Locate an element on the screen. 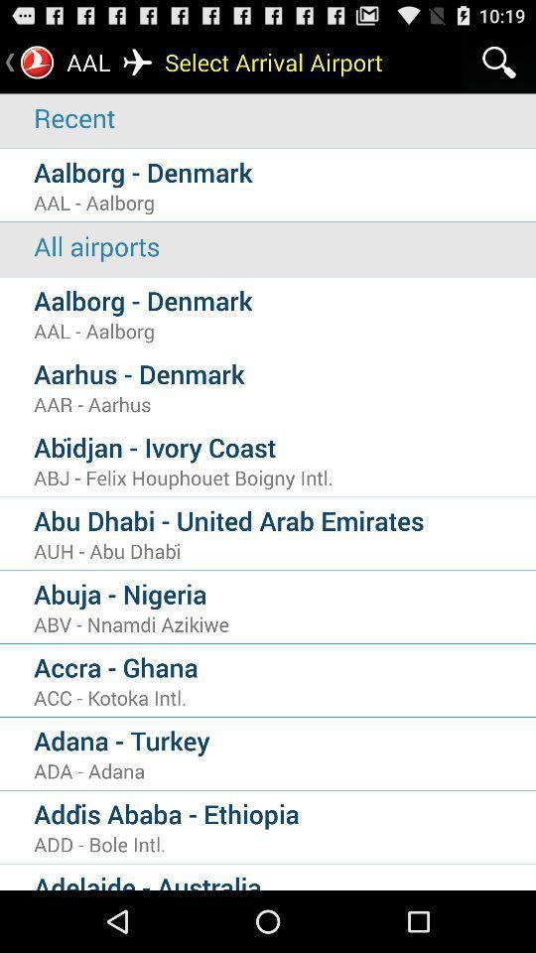 This screenshot has width=536, height=953. all airports item is located at coordinates (284, 245).